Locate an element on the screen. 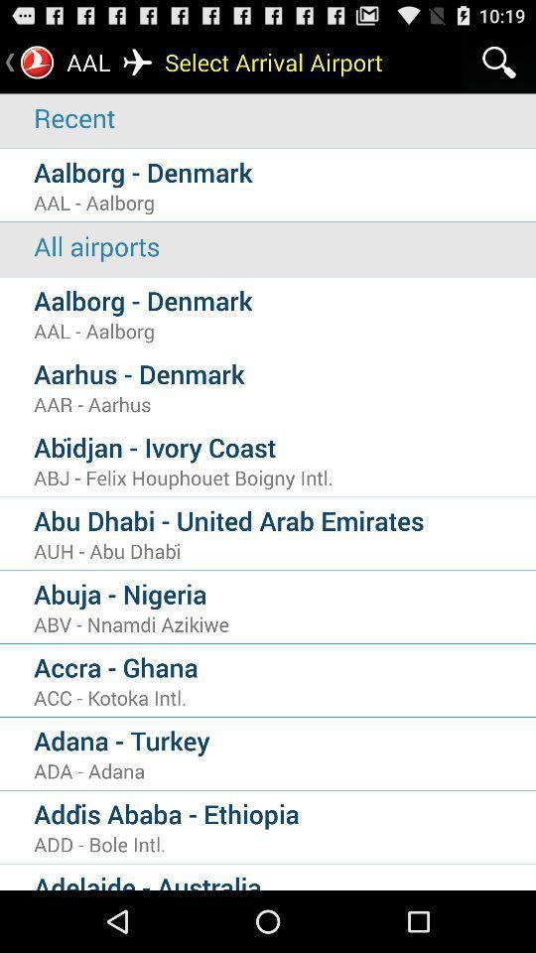 This screenshot has width=536, height=953. all airports item is located at coordinates (284, 245).